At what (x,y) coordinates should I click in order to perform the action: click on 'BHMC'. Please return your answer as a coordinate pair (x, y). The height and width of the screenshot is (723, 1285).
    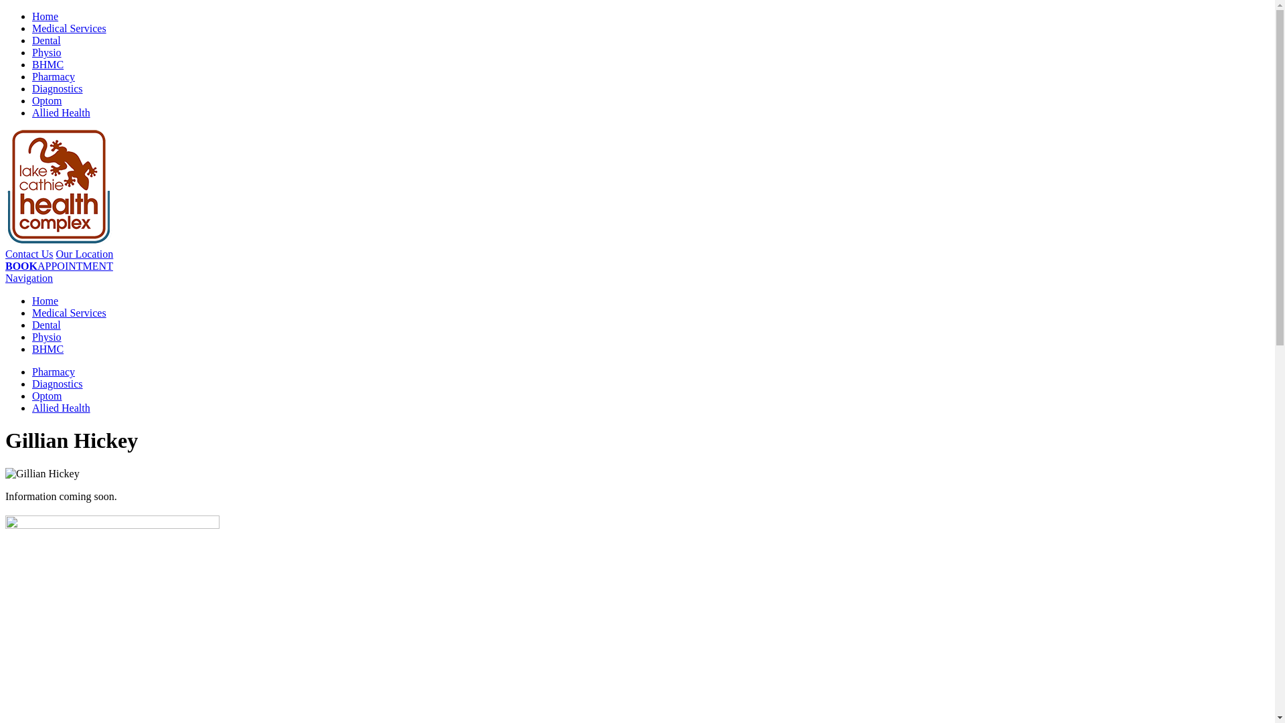
    Looking at the image, I should click on (48, 64).